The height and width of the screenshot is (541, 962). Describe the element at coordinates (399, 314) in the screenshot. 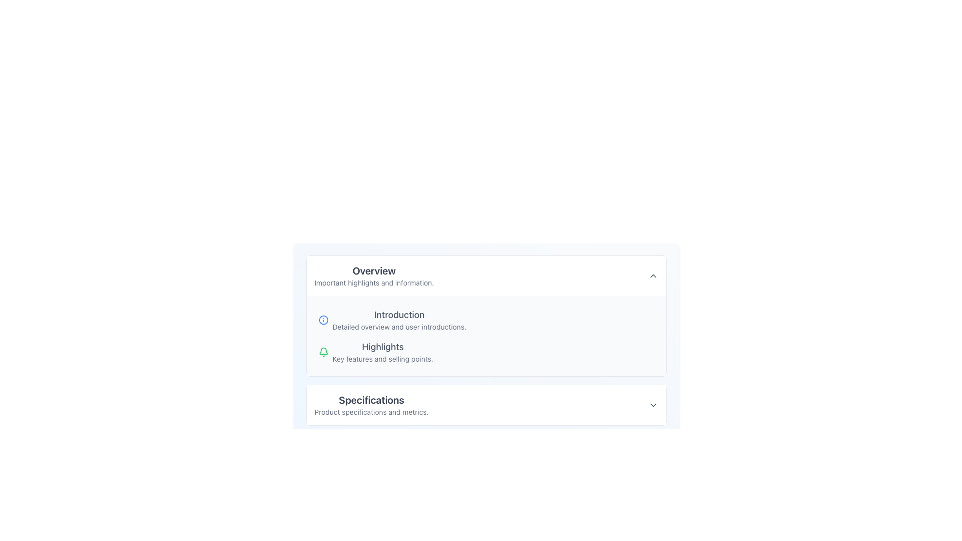

I see `text from the 'Introduction' label located in the middle of the vertical section under the 'Overview' header, styled in a large, bold gray font` at that location.